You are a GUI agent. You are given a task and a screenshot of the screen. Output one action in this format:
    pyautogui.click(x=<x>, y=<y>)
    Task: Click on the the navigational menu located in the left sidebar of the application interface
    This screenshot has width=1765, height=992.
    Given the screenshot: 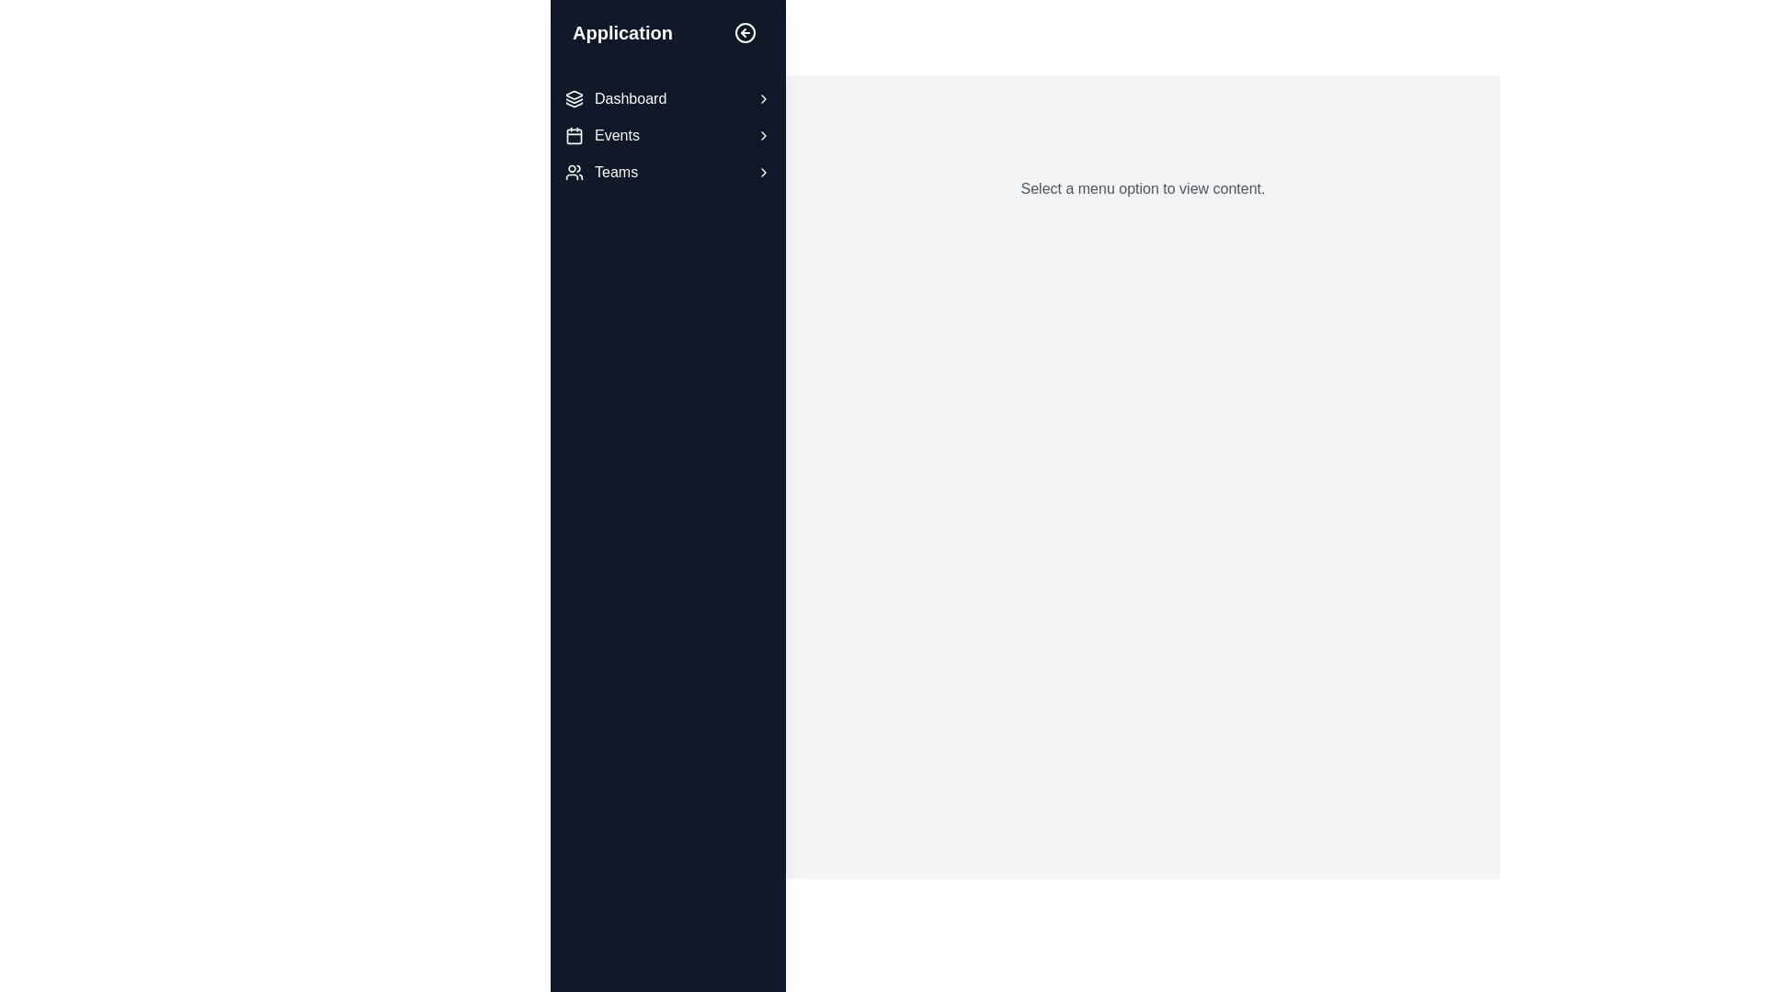 What is the action you would take?
    pyautogui.click(x=666, y=134)
    